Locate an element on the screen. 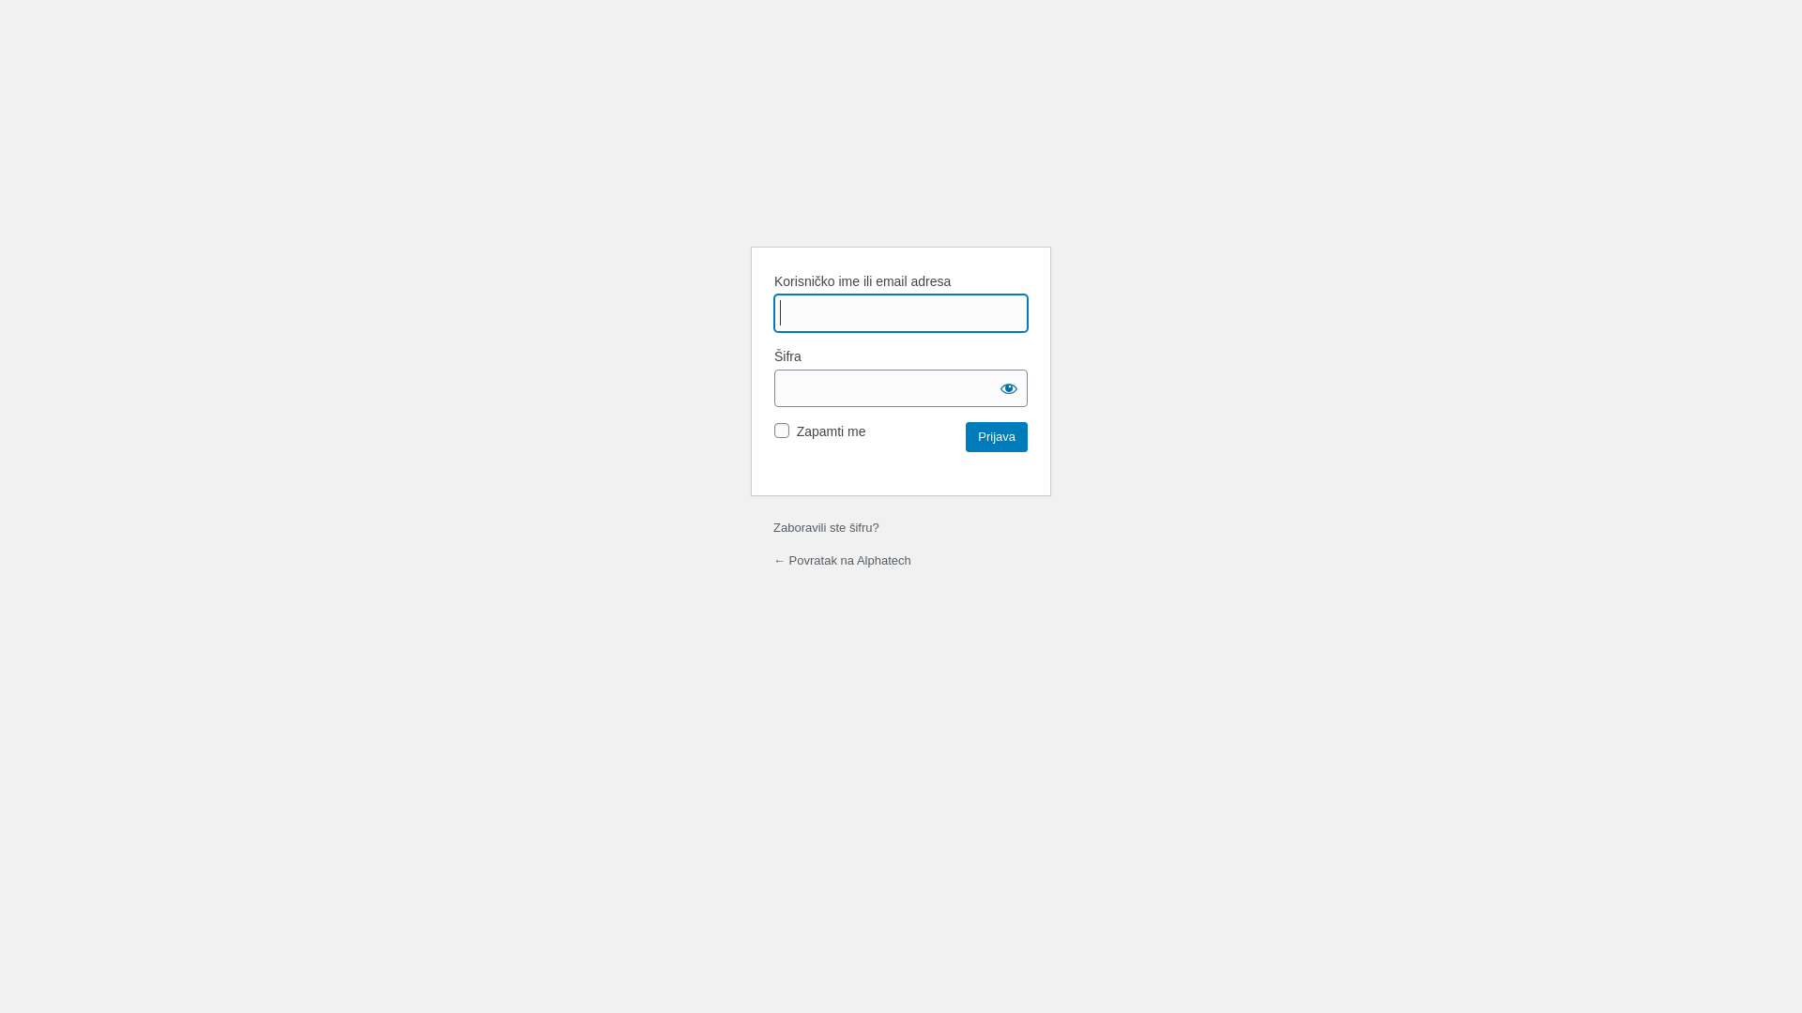 The image size is (1802, 1013). 'Prijava' is located at coordinates (965, 437).